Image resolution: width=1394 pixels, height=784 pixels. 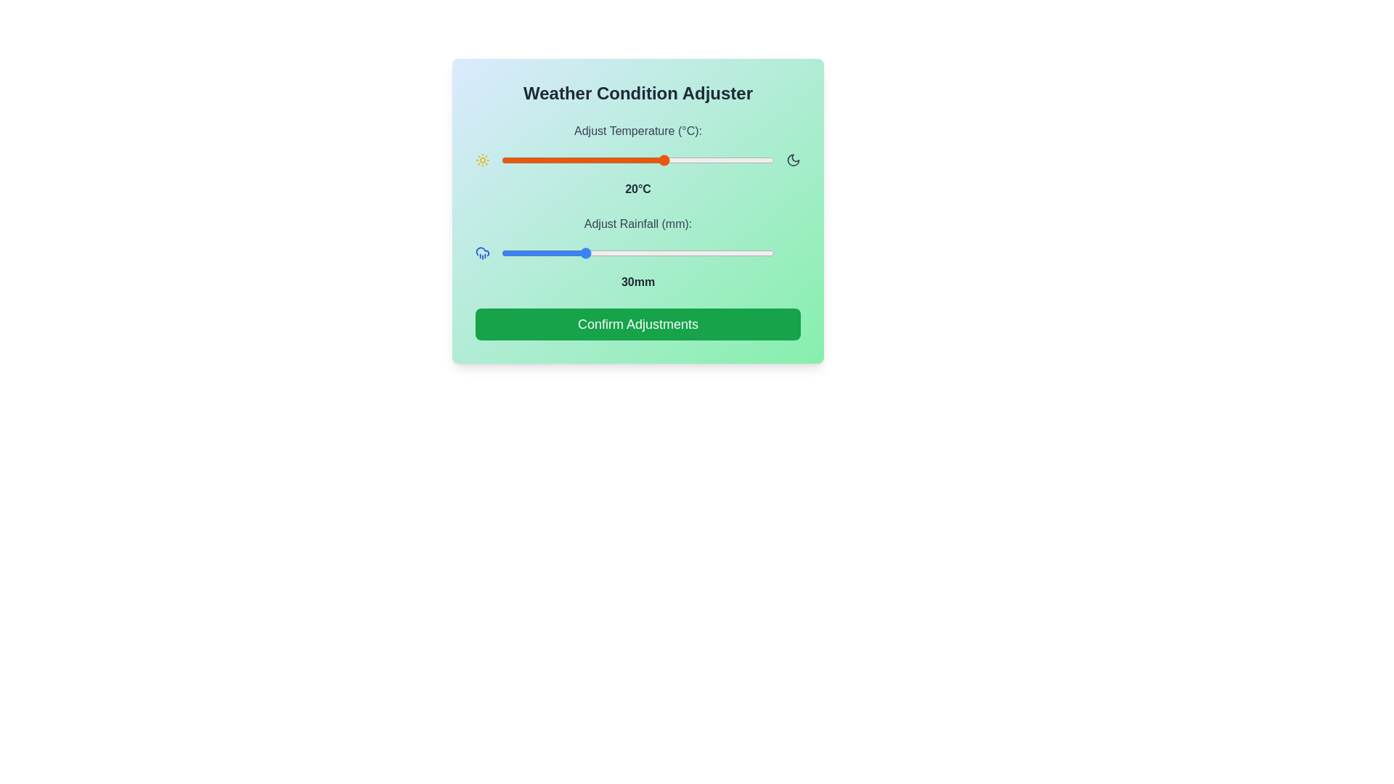 What do you see at coordinates (637, 324) in the screenshot?
I see `'Confirm Adjustments' button` at bounding box center [637, 324].